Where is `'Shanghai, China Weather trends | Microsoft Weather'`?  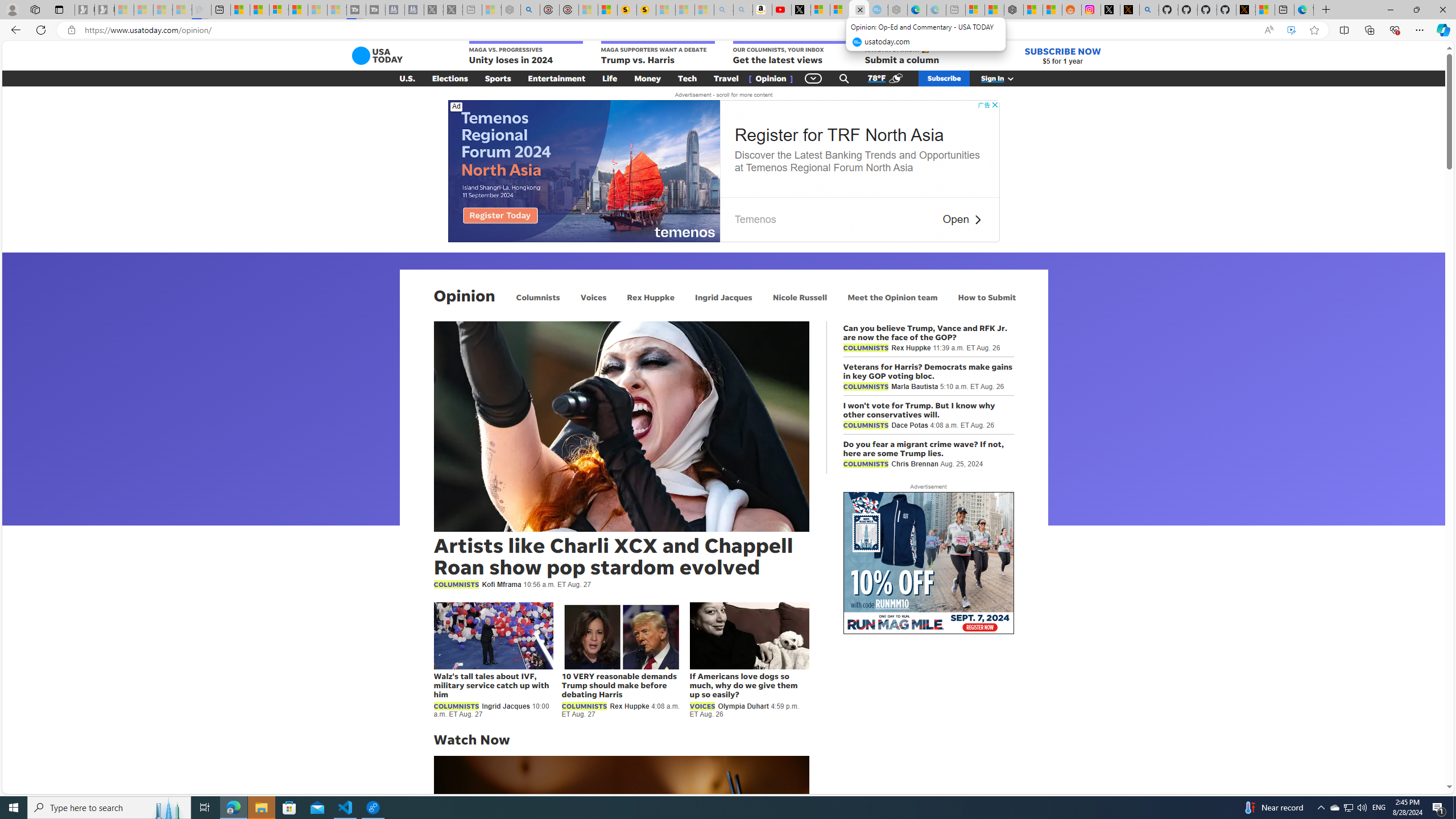
'Shanghai, China Weather trends | Microsoft Weather' is located at coordinates (1052, 9).